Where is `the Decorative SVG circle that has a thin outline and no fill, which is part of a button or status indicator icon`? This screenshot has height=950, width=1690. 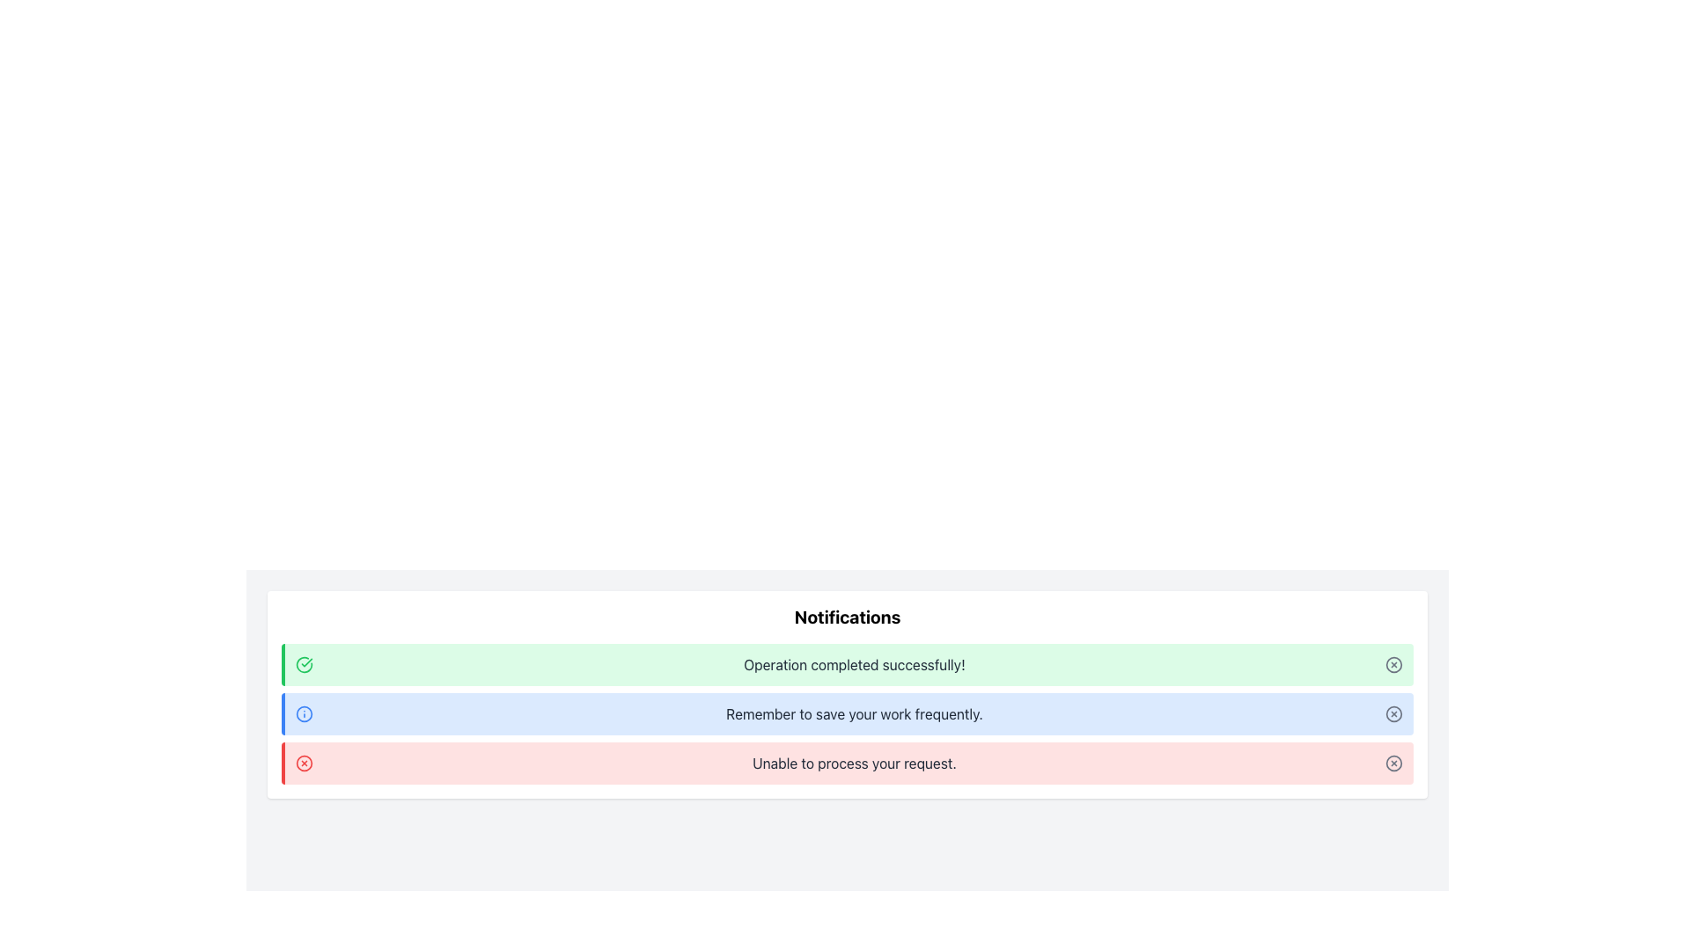 the Decorative SVG circle that has a thin outline and no fill, which is part of a button or status indicator icon is located at coordinates (1393, 665).